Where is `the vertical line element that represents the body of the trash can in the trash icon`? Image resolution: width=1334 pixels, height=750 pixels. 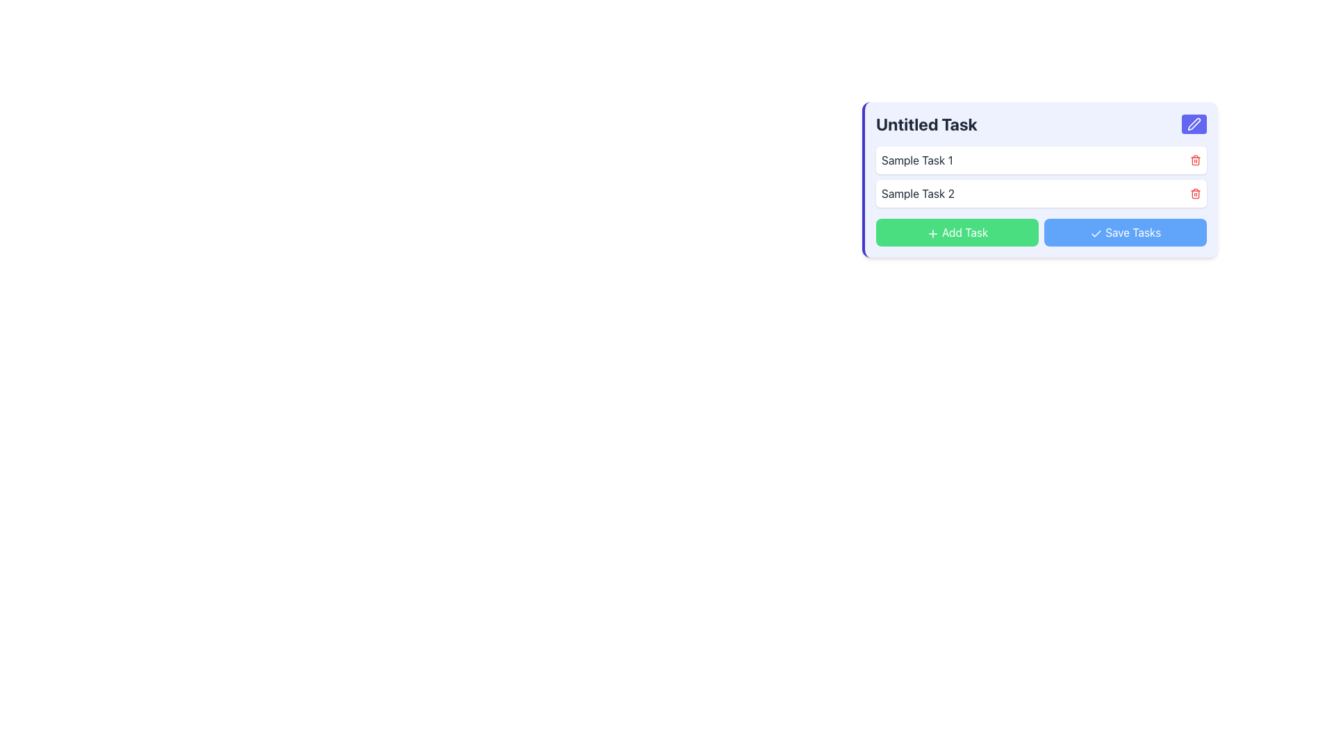
the vertical line element that represents the body of the trash can in the trash icon is located at coordinates (1195, 194).